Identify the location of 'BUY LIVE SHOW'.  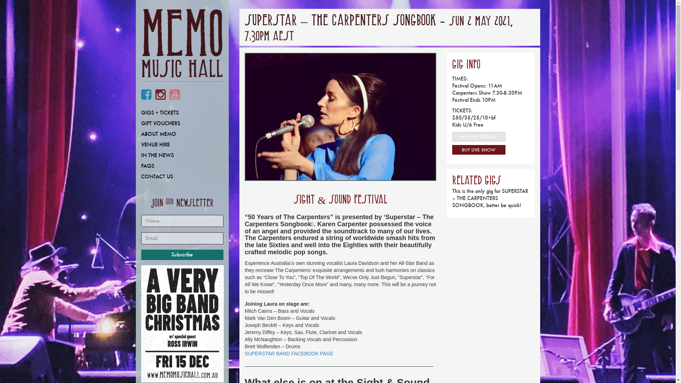
(478, 149).